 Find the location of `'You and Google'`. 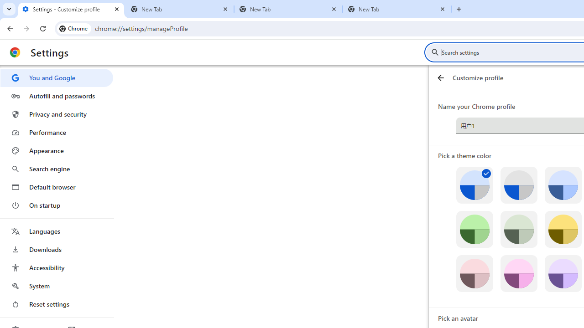

'You and Google' is located at coordinates (56, 77).